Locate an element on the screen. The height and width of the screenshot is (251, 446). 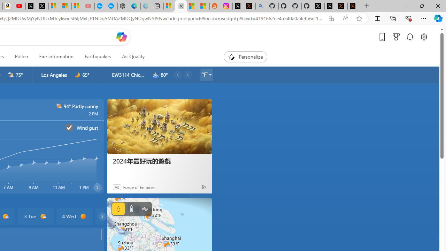
'Opinion: Op-Ed and Commentary - USA TODAY' is located at coordinates (100, 6).